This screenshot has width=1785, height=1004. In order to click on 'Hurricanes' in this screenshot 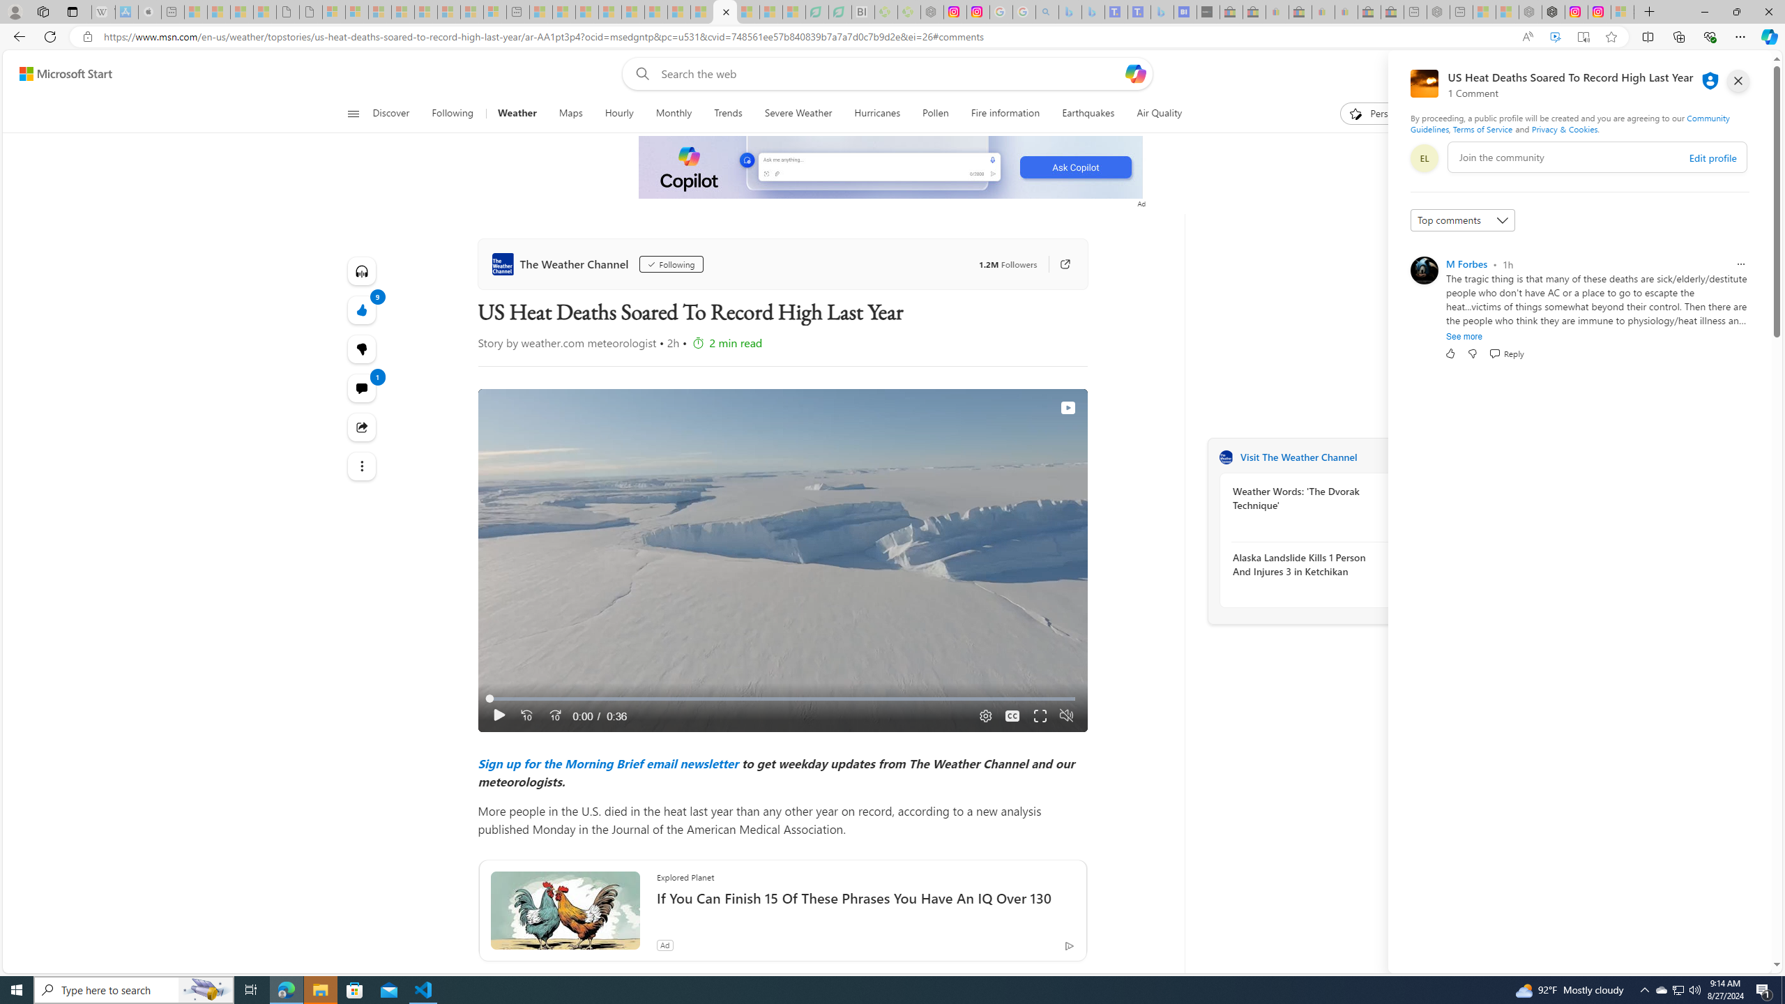, I will do `click(878, 113)`.